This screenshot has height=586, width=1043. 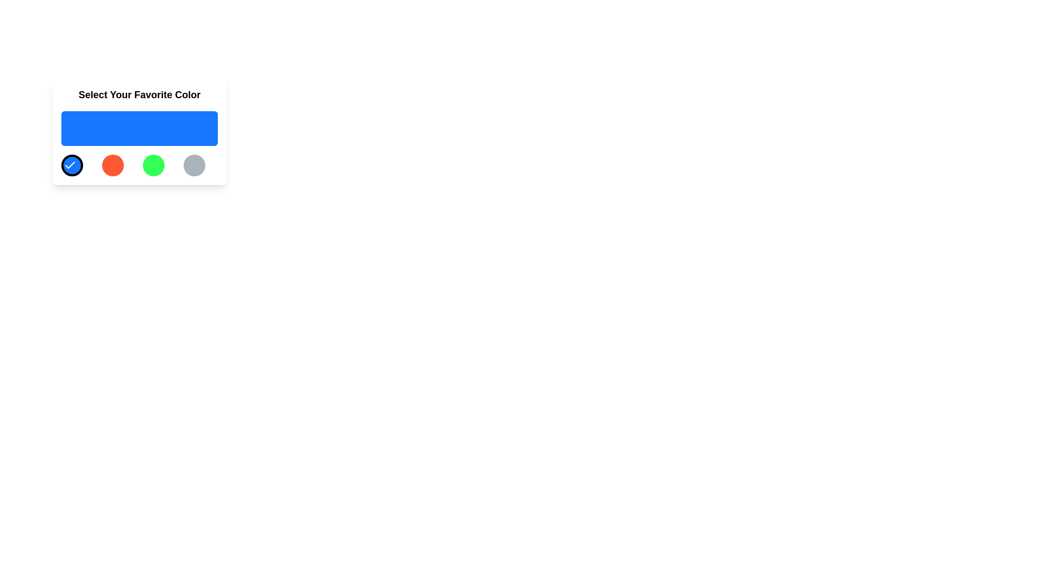 What do you see at coordinates (139, 165) in the screenshot?
I see `the green circular button, which is the third button in a series of four horizontally arranged buttons with distinct colors (blue, red, green, gray), to provide visual feedback` at bounding box center [139, 165].